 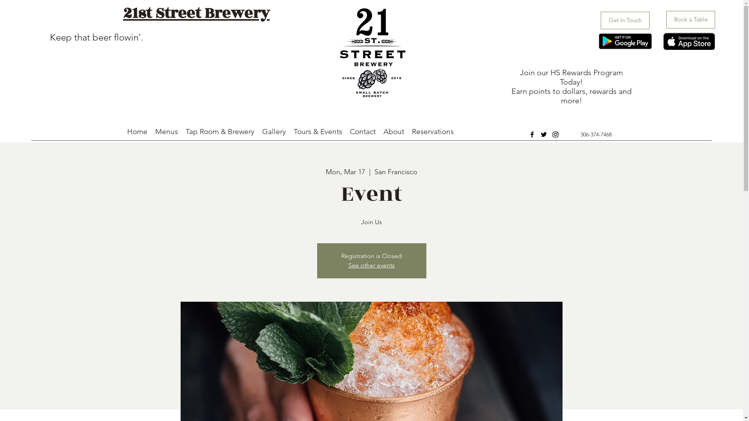 What do you see at coordinates (393, 131) in the screenshot?
I see `'About'` at bounding box center [393, 131].